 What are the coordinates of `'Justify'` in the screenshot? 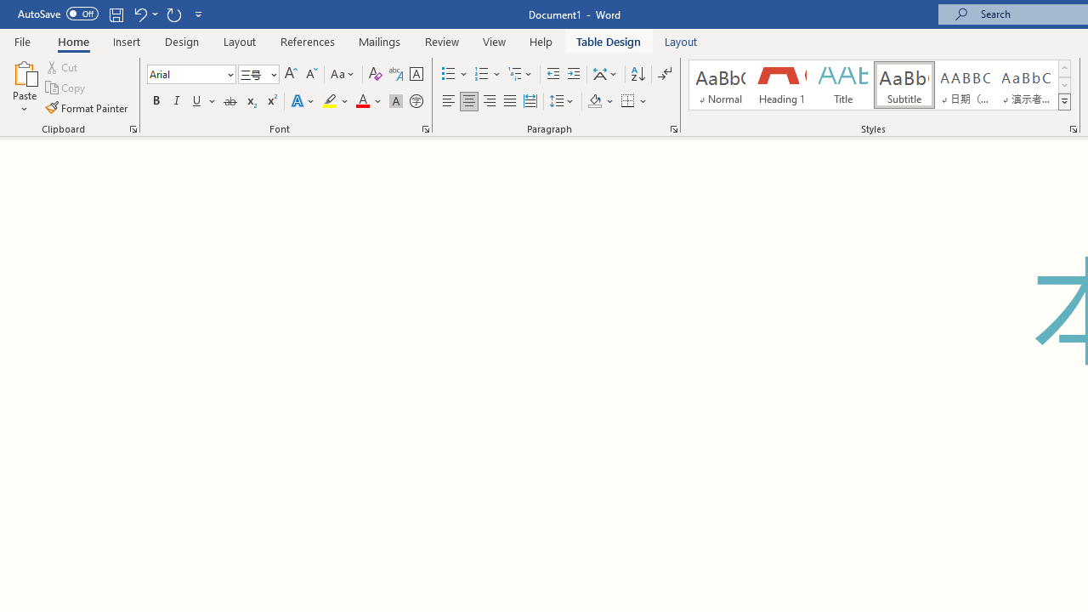 It's located at (508, 101).